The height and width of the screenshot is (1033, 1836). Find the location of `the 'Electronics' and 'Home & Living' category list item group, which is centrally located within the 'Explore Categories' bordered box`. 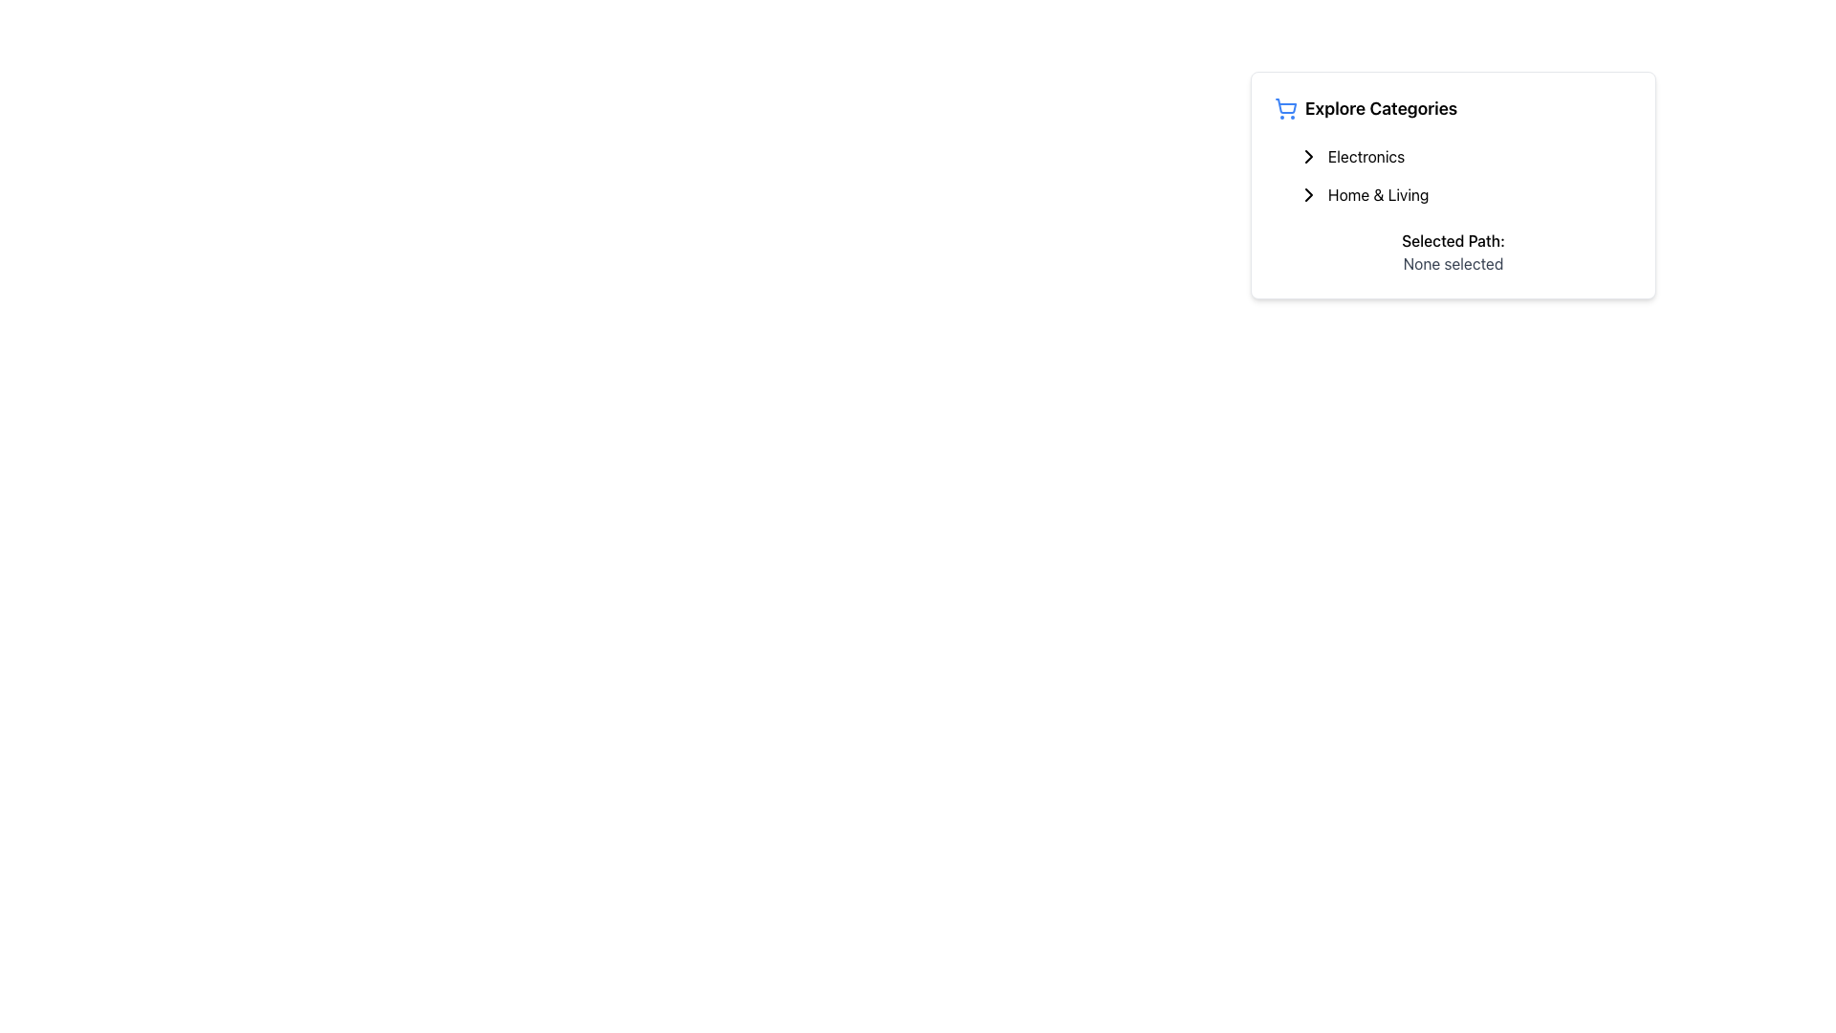

the 'Electronics' and 'Home & Living' category list item group, which is centrally located within the 'Explore Categories' bordered box is located at coordinates (1453, 176).